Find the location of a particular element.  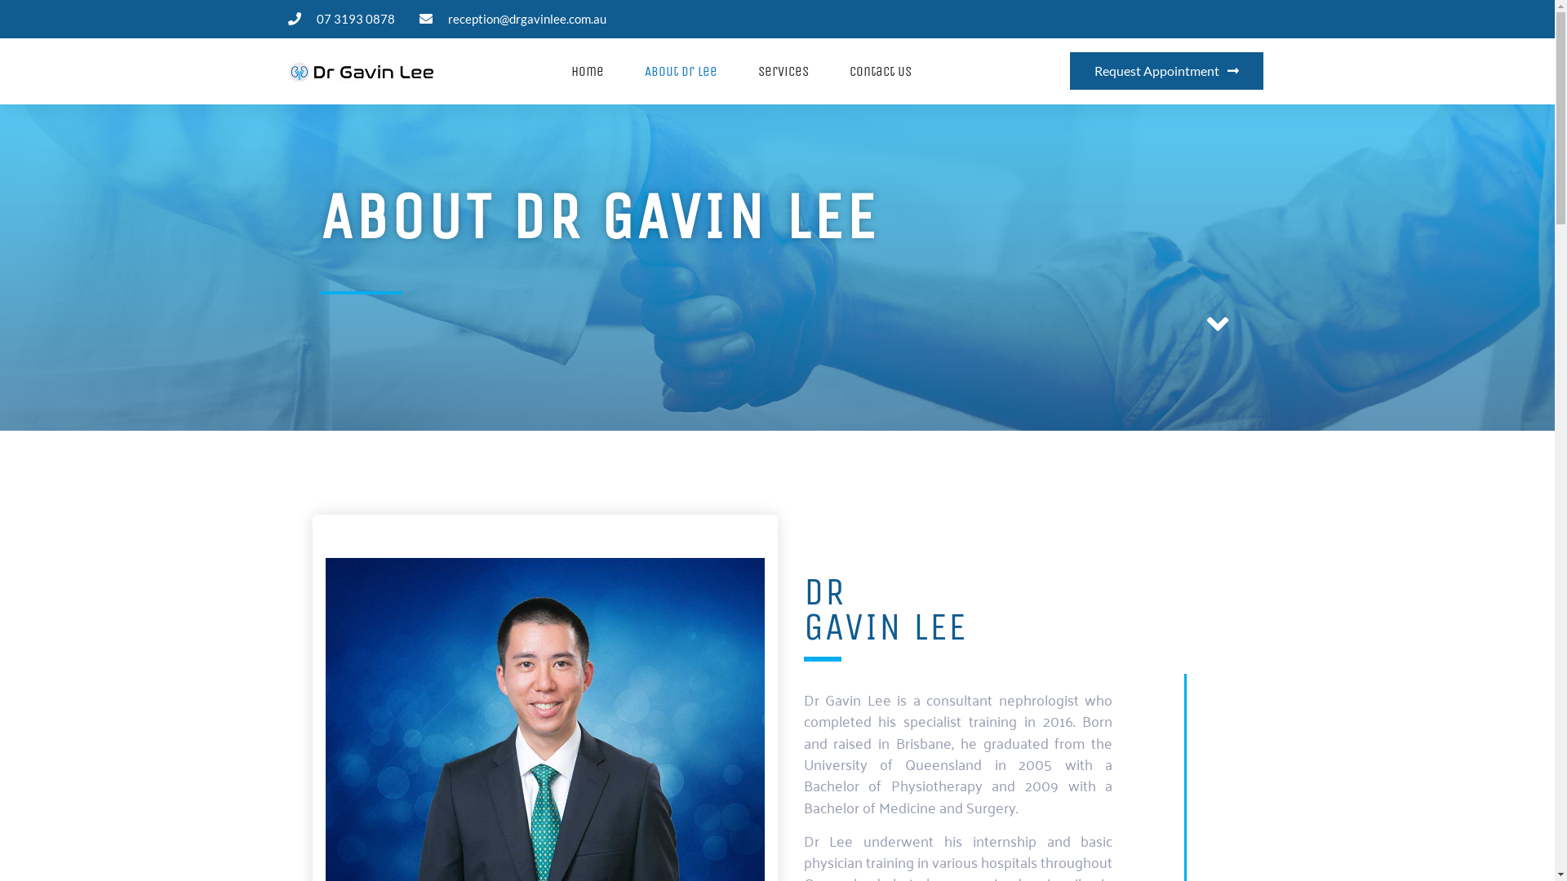

'About Dr Lee' is located at coordinates (681, 70).